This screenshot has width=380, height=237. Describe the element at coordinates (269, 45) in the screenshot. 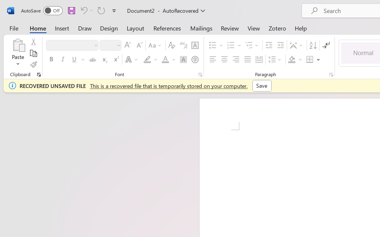

I see `'Decrease Indent'` at that location.